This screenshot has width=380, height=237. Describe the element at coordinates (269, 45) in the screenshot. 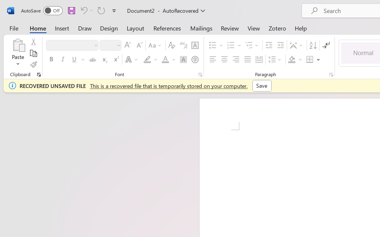

I see `'Decrease Indent'` at that location.